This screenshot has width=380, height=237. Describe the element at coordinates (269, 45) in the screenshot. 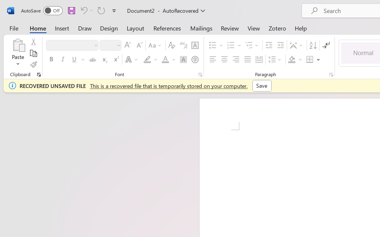

I see `'Decrease Indent'` at that location.